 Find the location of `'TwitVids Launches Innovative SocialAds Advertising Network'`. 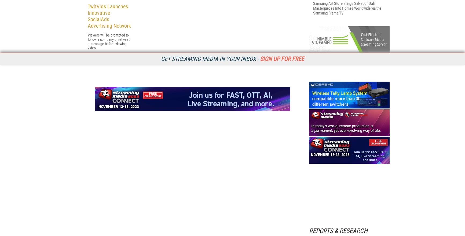

'TwitVids Launches Innovative SocialAds Advertising Network' is located at coordinates (109, 86).